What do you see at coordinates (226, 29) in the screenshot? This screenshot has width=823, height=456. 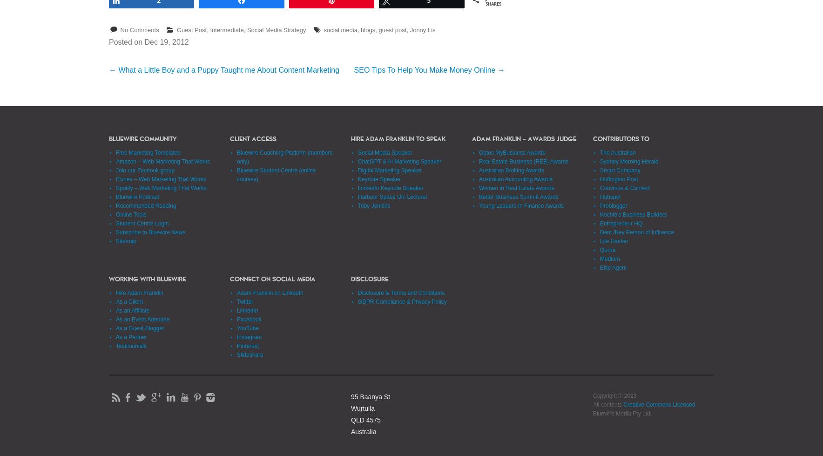 I see `'Intermediate'` at bounding box center [226, 29].